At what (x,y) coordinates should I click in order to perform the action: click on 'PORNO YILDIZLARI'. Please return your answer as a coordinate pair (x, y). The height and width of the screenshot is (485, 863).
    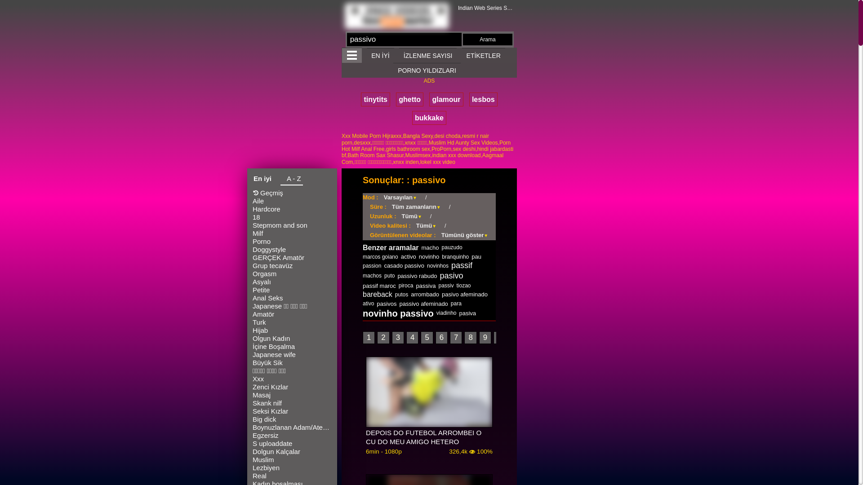
    Looking at the image, I should click on (427, 70).